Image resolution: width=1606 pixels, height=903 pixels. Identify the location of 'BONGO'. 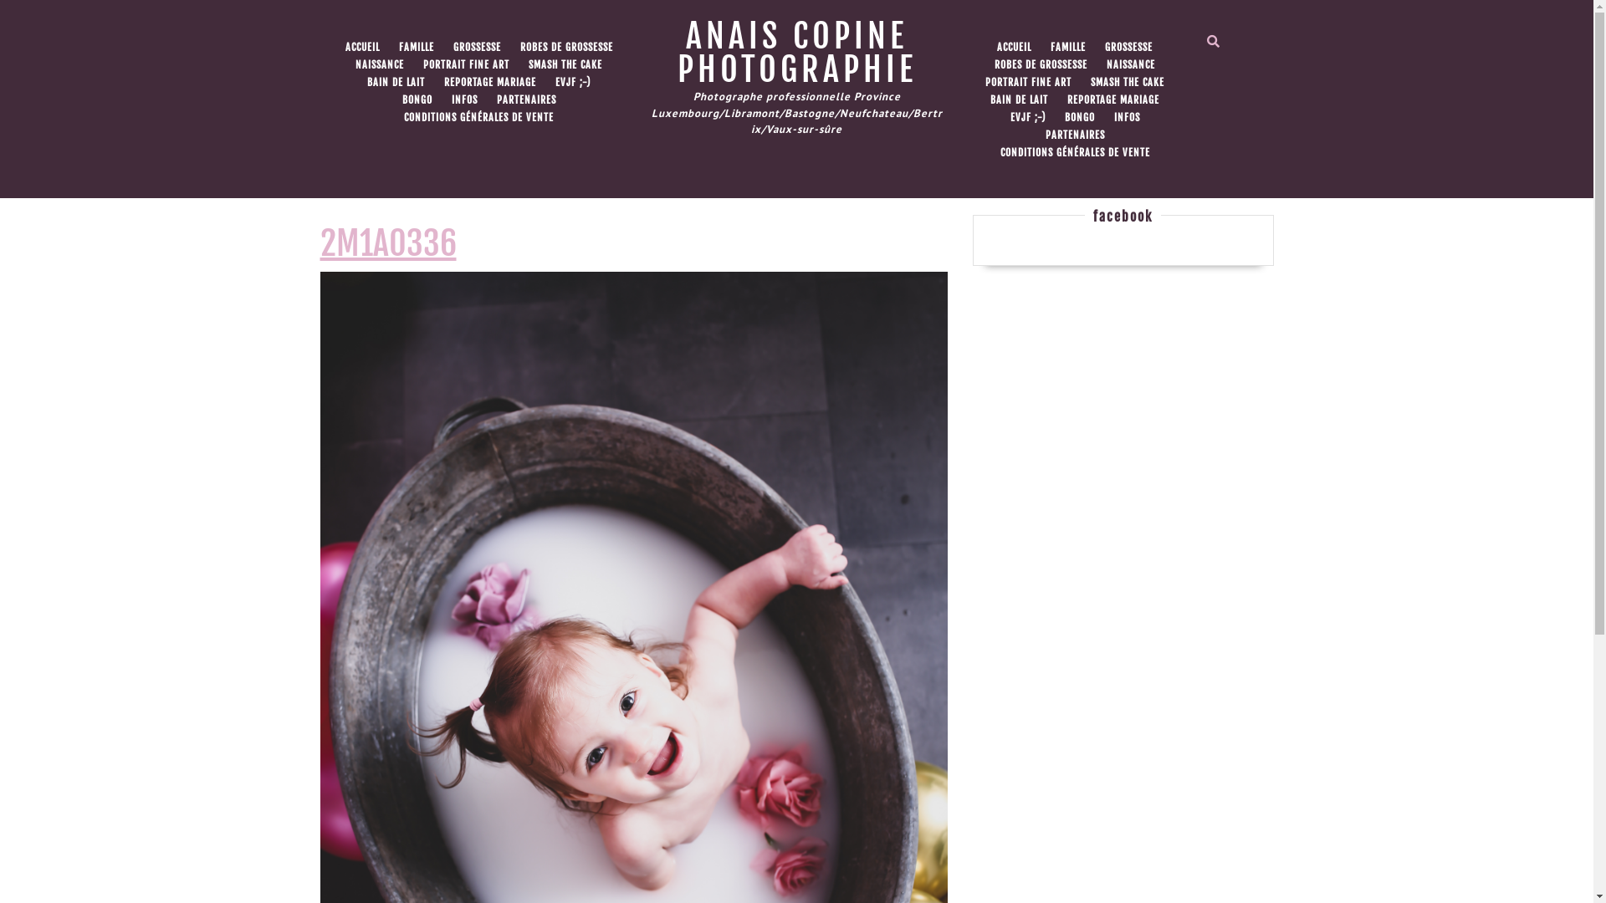
(417, 99).